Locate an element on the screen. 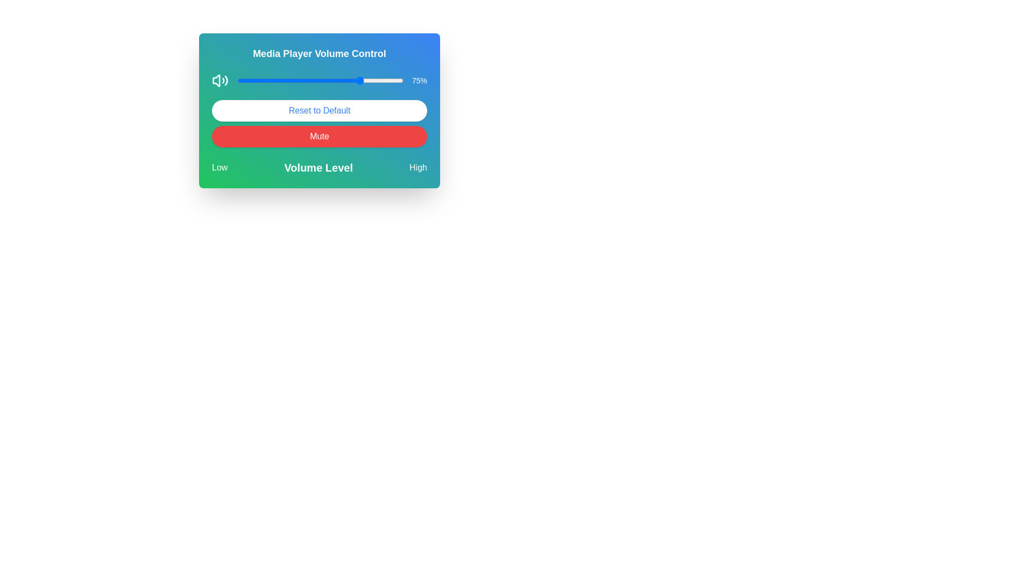 The height and width of the screenshot is (581, 1033). the text label displaying 'Low' in white color on a green background, positioned to the left of 'Volume Level' is located at coordinates (219, 168).